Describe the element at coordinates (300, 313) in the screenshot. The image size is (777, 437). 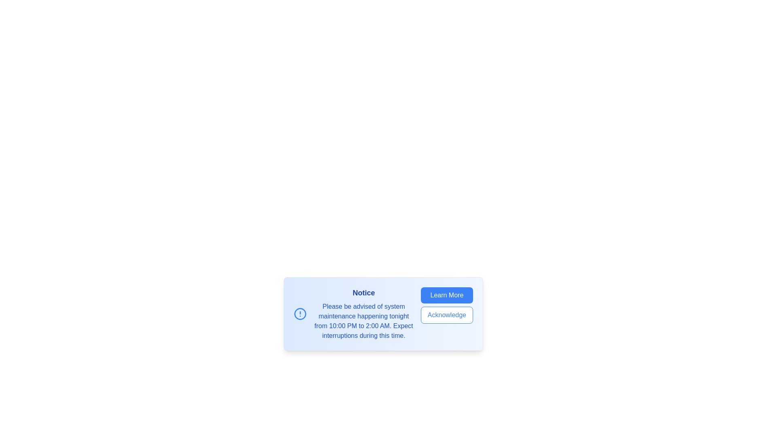
I see `the blue warning icon located on the left side of the notification box, which visually represents a warning or alert` at that location.